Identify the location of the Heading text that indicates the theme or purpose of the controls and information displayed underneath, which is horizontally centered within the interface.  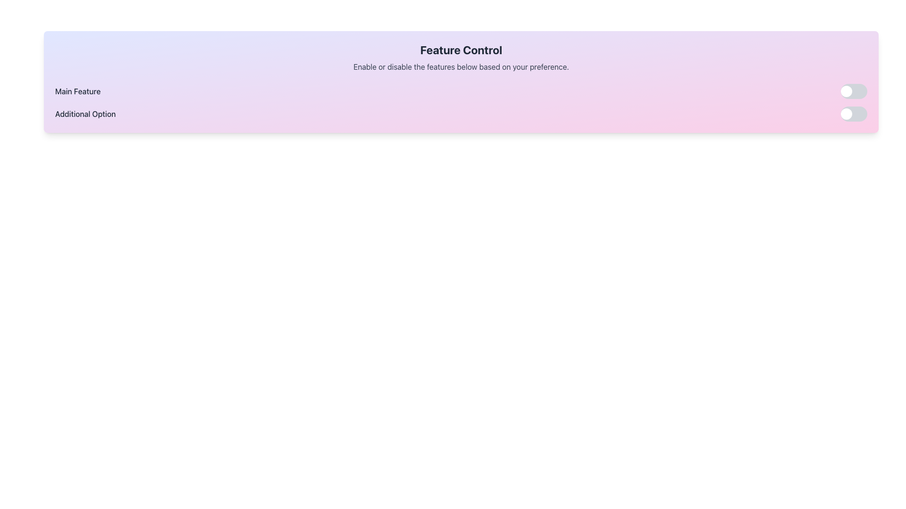
(461, 49).